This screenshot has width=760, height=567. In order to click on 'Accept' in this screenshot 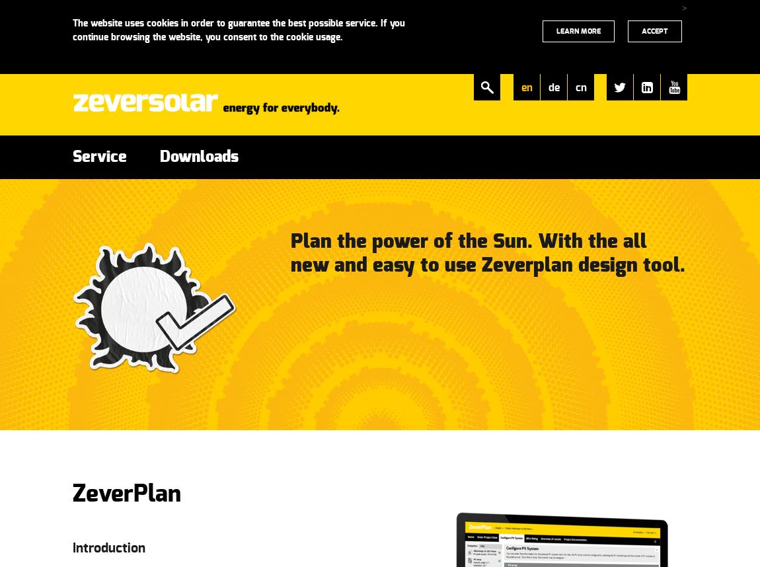, I will do `click(654, 30)`.